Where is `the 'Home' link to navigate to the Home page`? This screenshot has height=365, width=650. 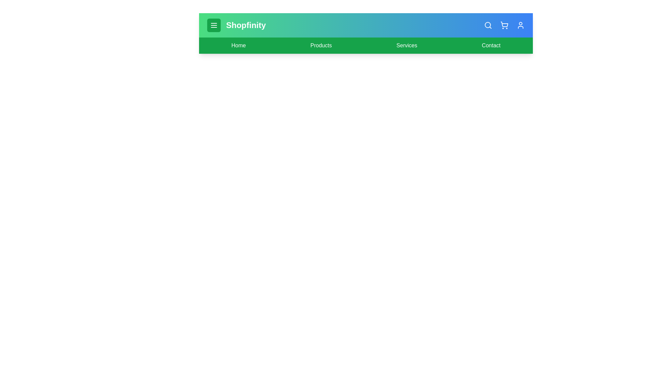 the 'Home' link to navigate to the Home page is located at coordinates (238, 46).